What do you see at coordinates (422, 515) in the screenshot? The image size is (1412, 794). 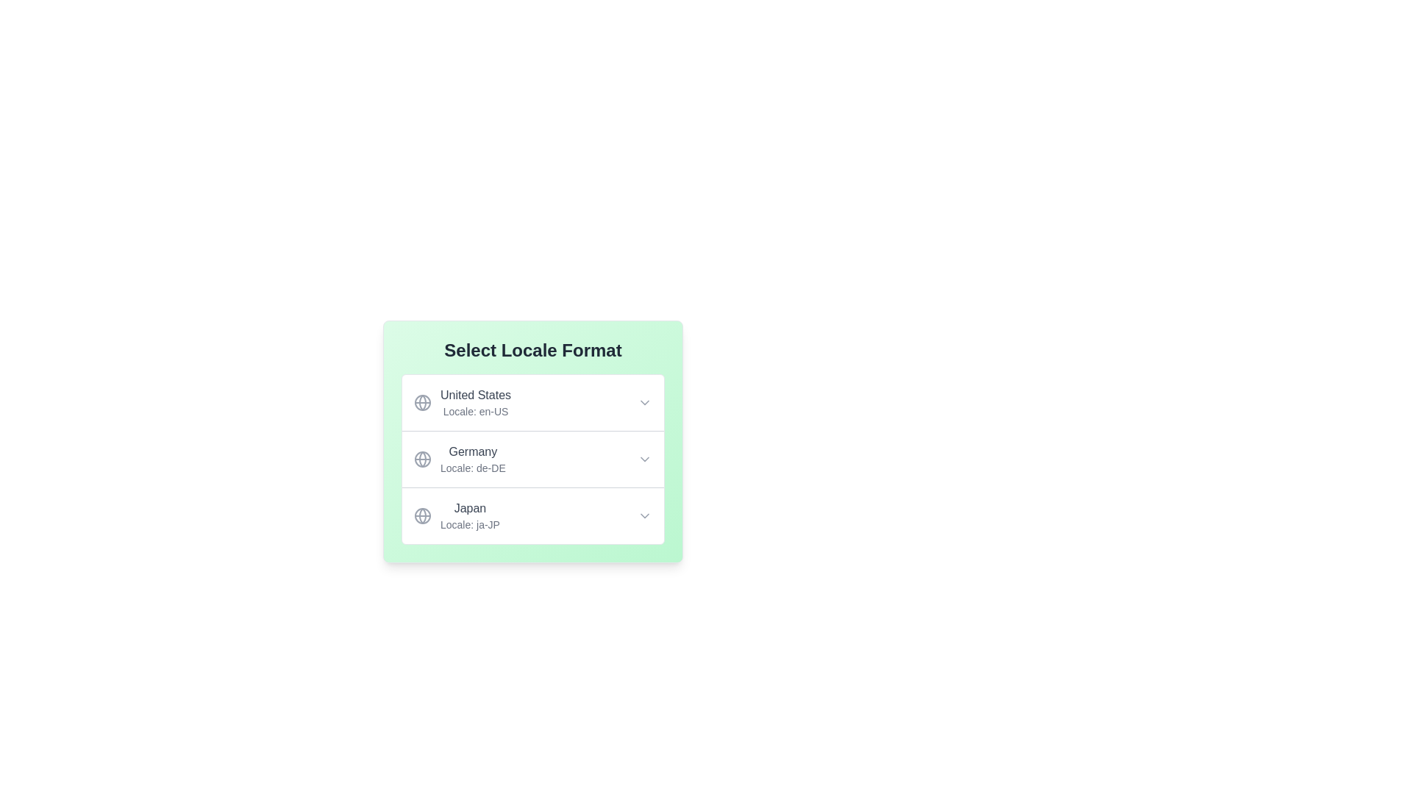 I see `the globe SVG icon representing the Japan locale to select the locale option` at bounding box center [422, 515].